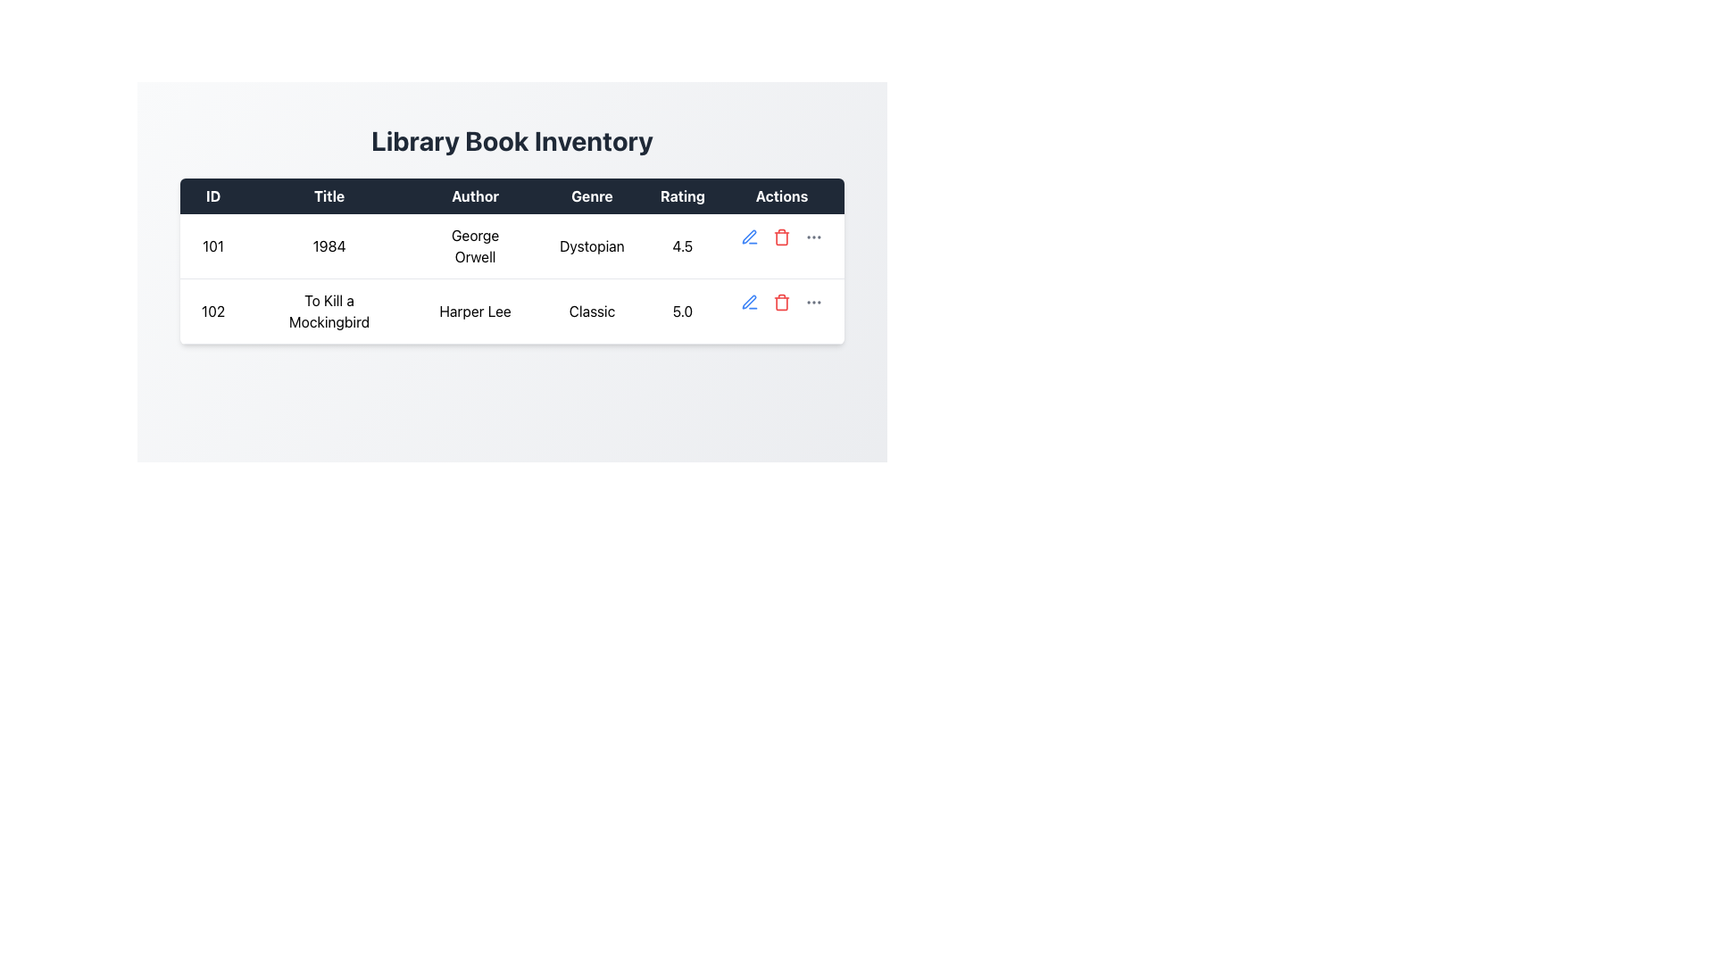  I want to click on the numeric text element '4.5' in the 'Rating' column of the first row corresponding to the book '1984' by George Orwell, so click(681, 246).